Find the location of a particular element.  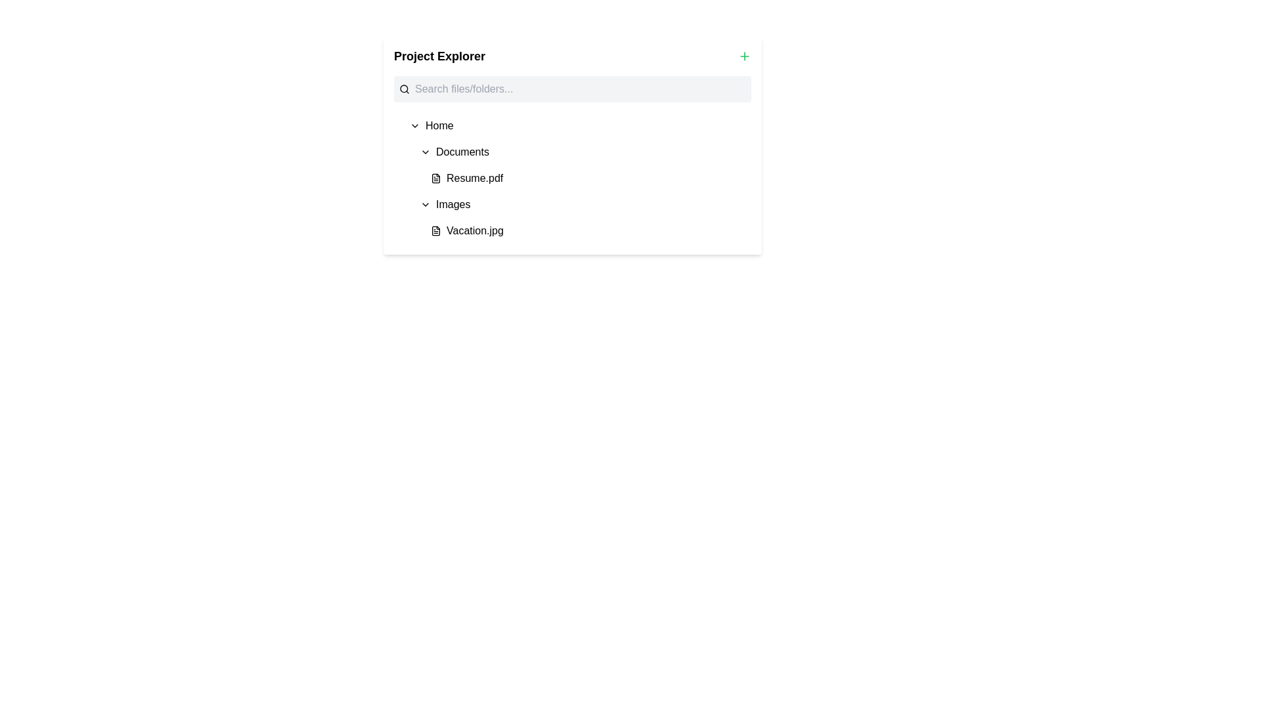

the 'Images' text label in the Project Explorer section is located at coordinates (453, 205).